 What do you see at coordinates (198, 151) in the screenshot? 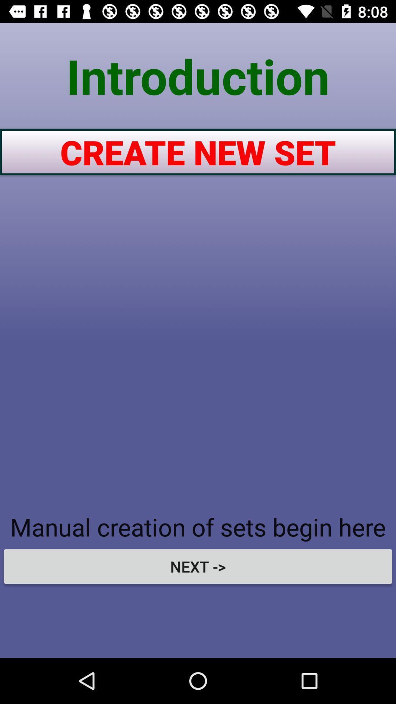
I see `the item below introduction app` at bounding box center [198, 151].